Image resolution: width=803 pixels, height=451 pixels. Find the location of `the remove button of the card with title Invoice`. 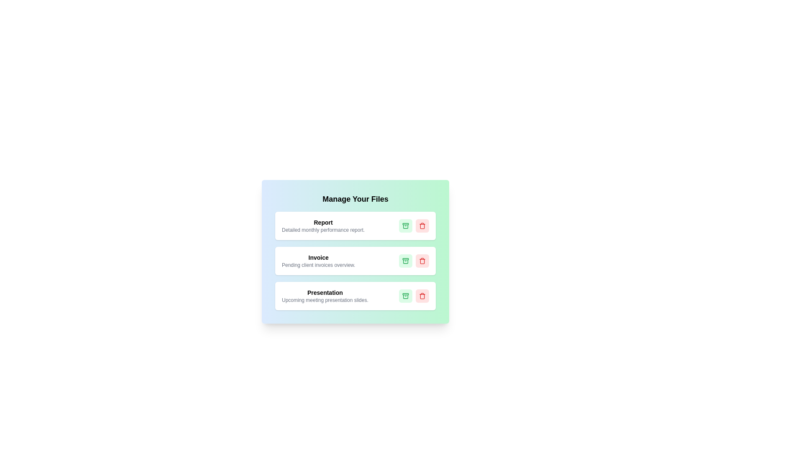

the remove button of the card with title Invoice is located at coordinates (422, 260).